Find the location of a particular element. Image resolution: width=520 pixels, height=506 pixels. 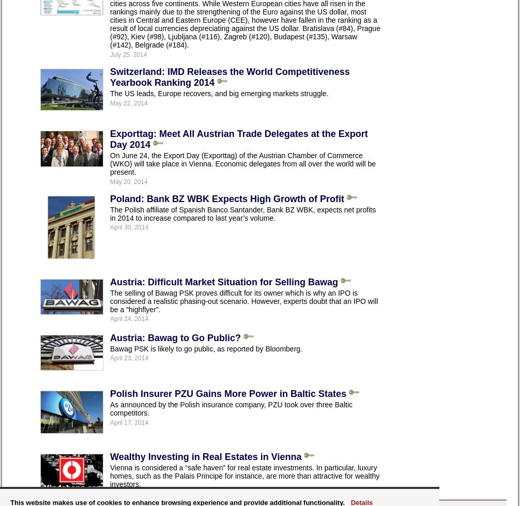

'Switzerland: IMD Releases the World Competitiveness Yearbook Ranking 2014' is located at coordinates (229, 76).